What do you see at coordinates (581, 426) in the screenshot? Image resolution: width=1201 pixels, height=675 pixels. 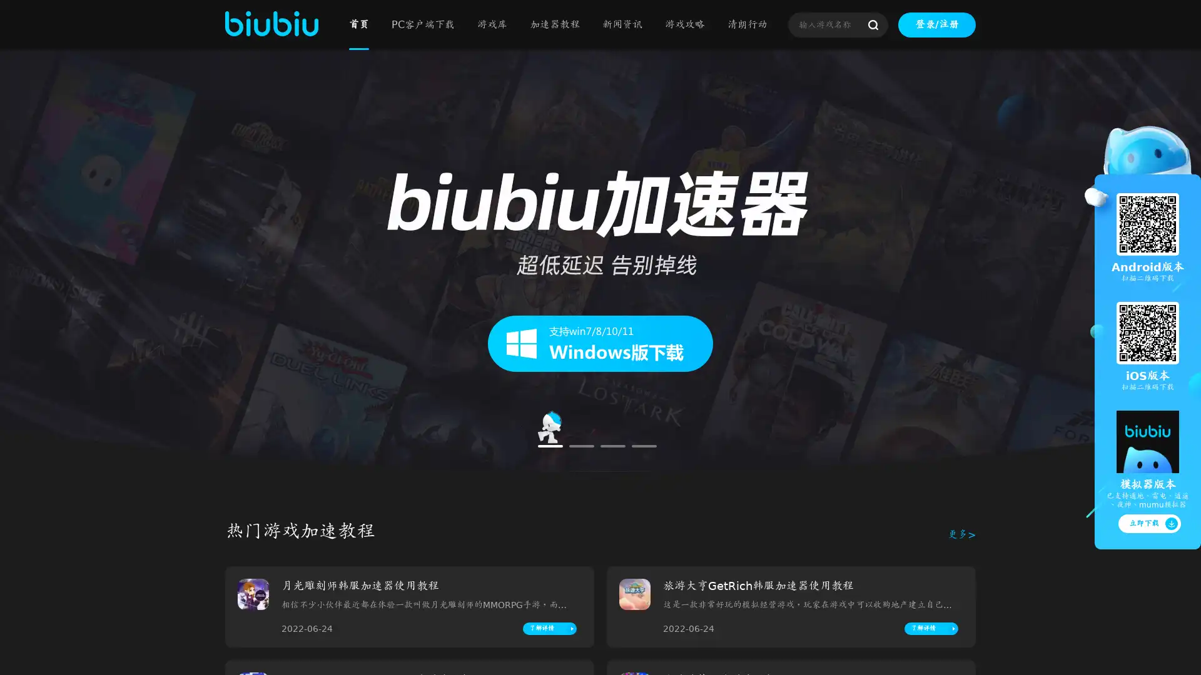 I see `Go to slide 2` at bounding box center [581, 426].